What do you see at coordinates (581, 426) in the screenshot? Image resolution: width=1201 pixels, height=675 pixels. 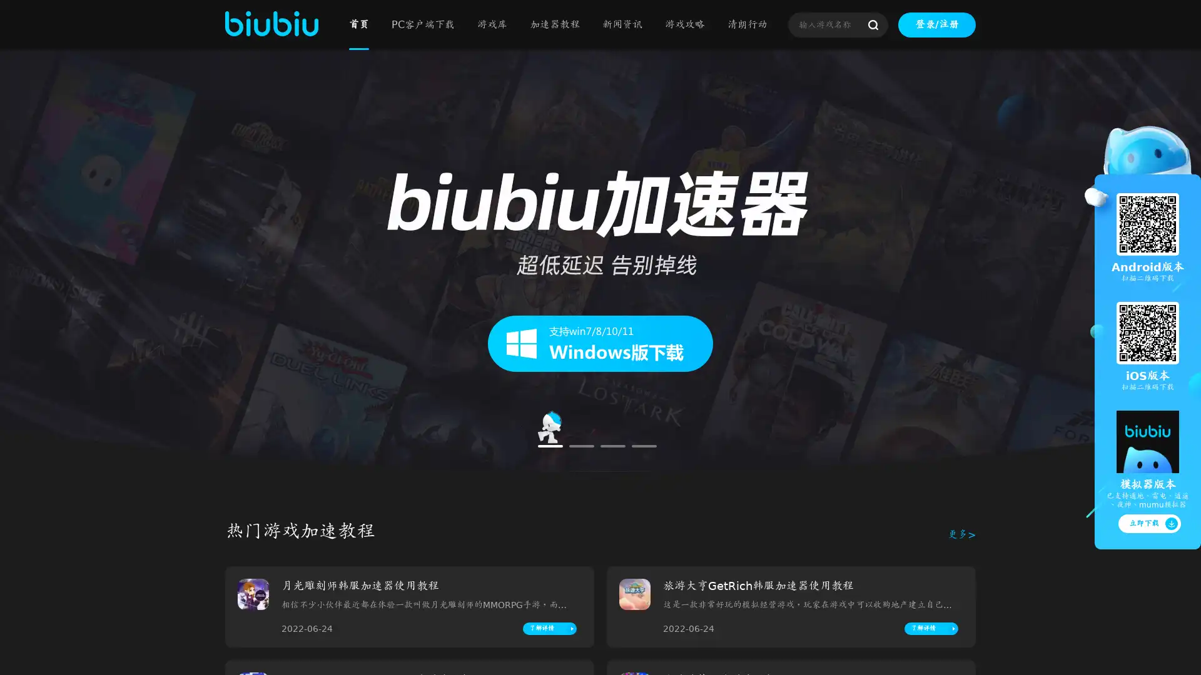 I see `Go to slide 2` at bounding box center [581, 426].